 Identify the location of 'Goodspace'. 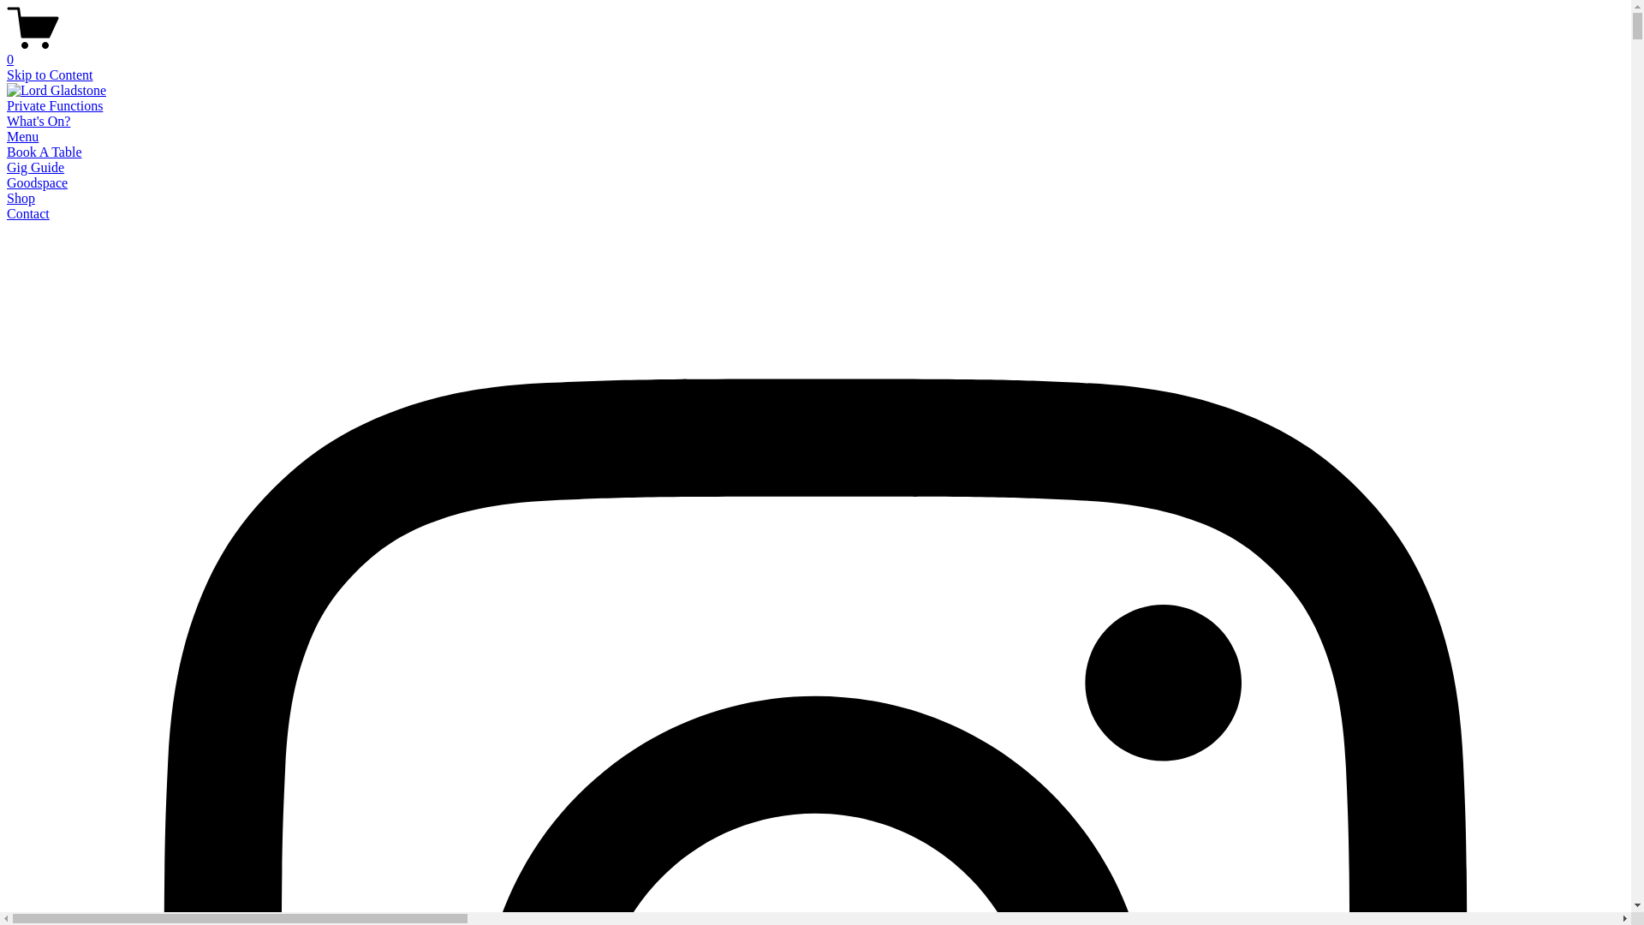
(37, 182).